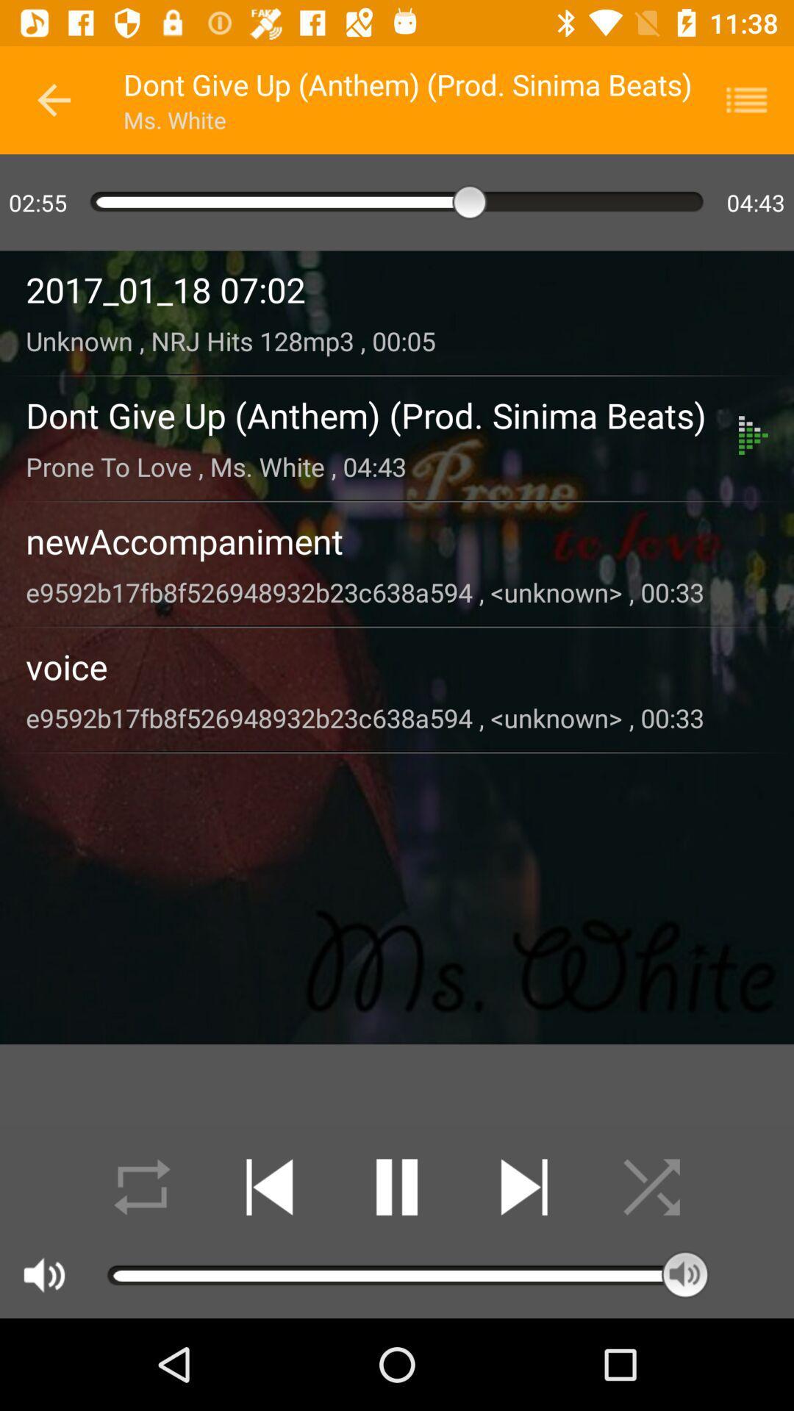 This screenshot has width=794, height=1411. What do you see at coordinates (397, 1187) in the screenshot?
I see `pause music` at bounding box center [397, 1187].